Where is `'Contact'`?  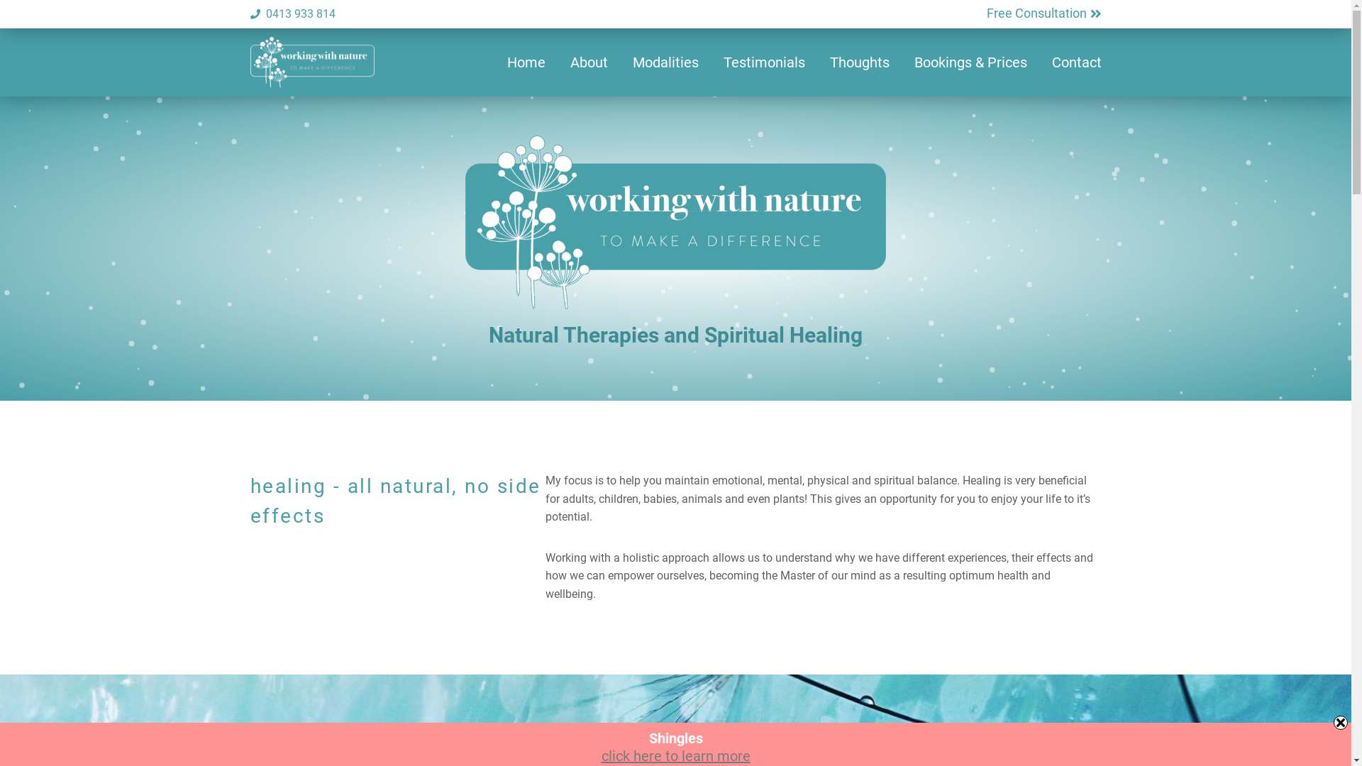 'Contact' is located at coordinates (1051, 62).